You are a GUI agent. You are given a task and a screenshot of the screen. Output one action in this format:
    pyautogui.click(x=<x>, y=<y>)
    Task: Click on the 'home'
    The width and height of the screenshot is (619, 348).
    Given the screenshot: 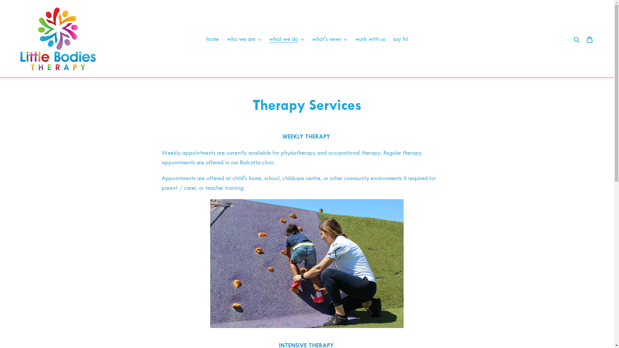 What is the action you would take?
    pyautogui.click(x=212, y=39)
    